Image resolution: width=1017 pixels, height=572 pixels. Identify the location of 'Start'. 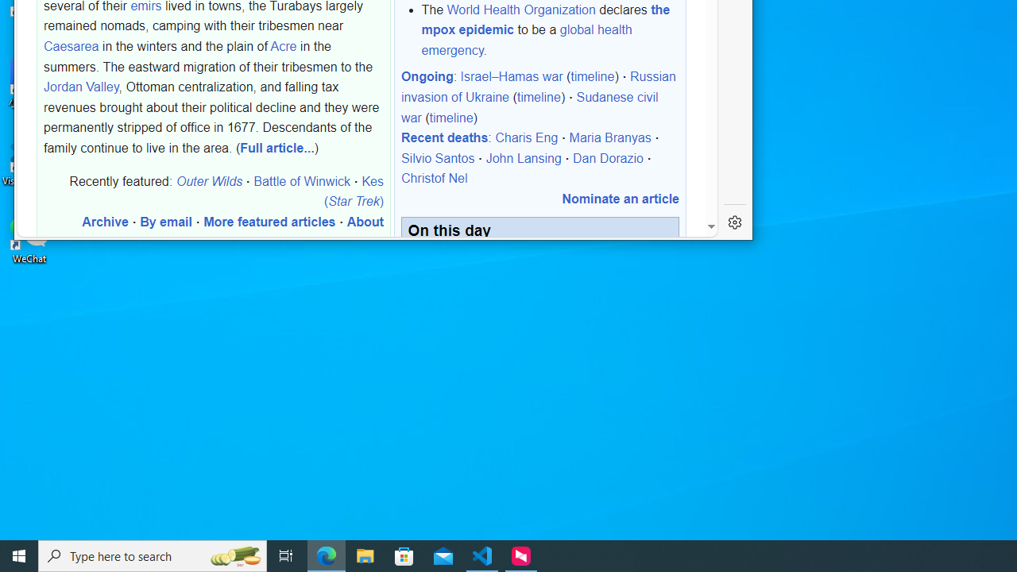
(19, 555).